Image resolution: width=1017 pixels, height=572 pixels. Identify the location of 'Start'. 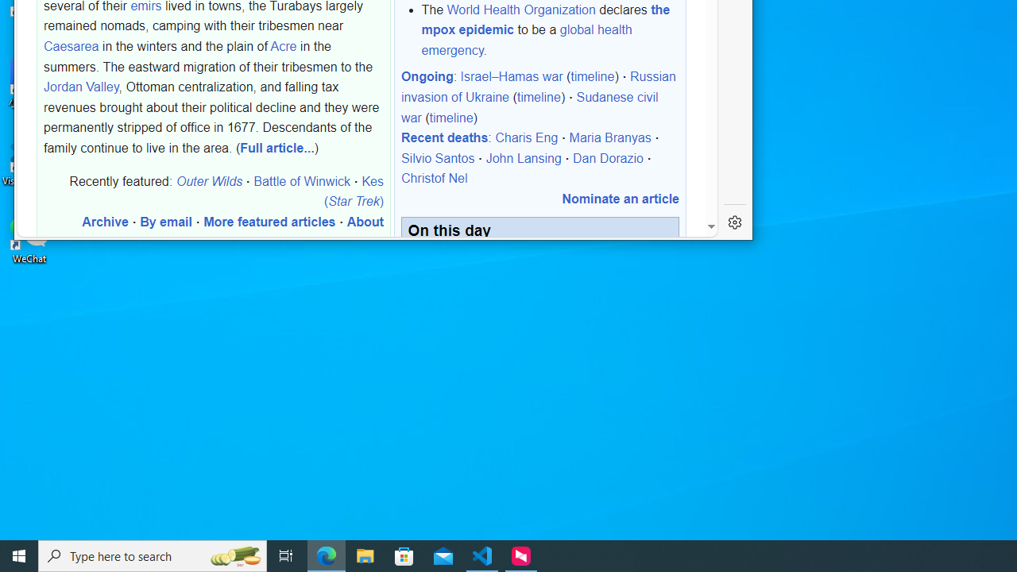
(19, 555).